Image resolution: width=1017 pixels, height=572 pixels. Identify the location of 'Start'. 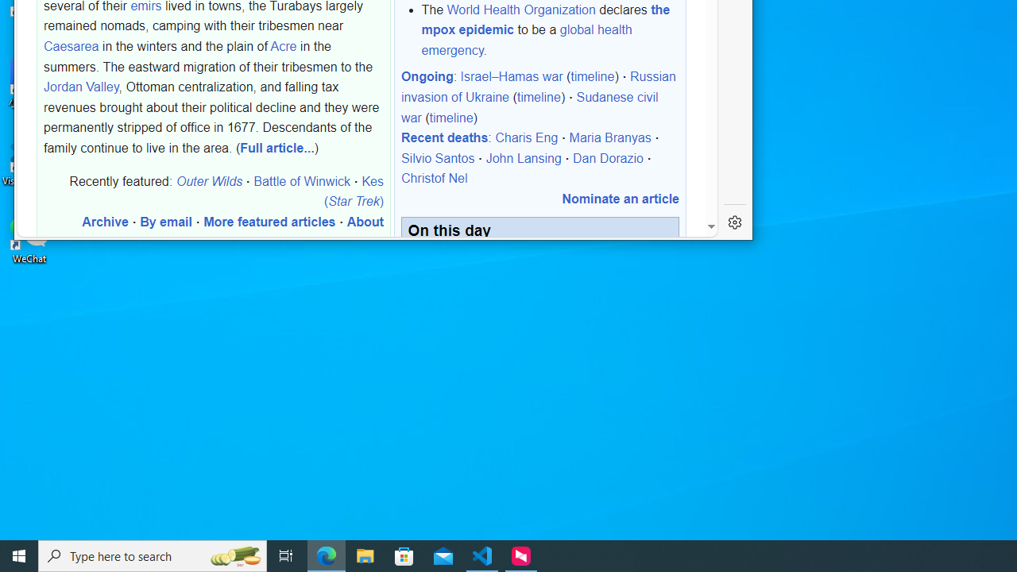
(19, 555).